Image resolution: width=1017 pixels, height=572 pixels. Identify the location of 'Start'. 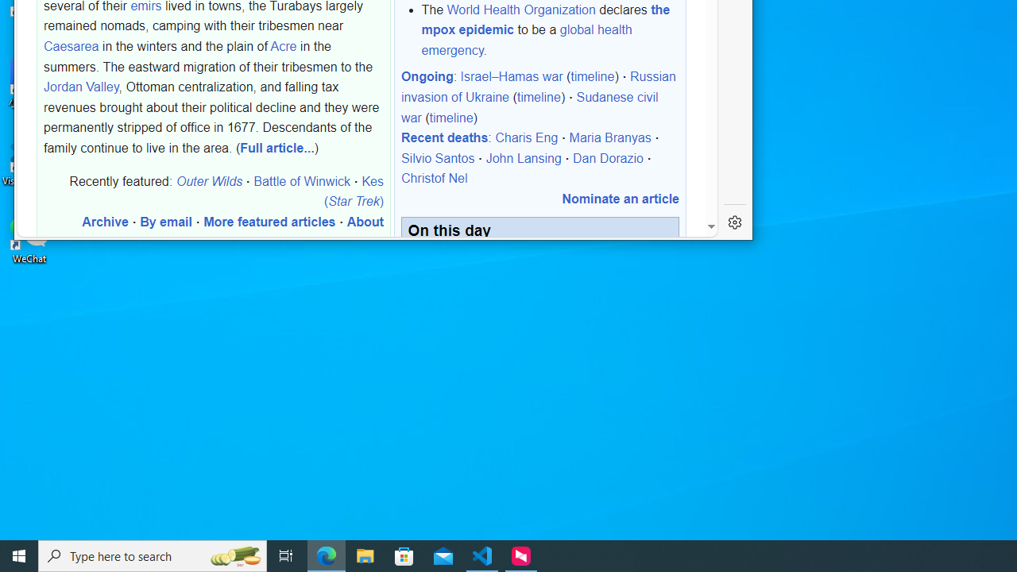
(19, 555).